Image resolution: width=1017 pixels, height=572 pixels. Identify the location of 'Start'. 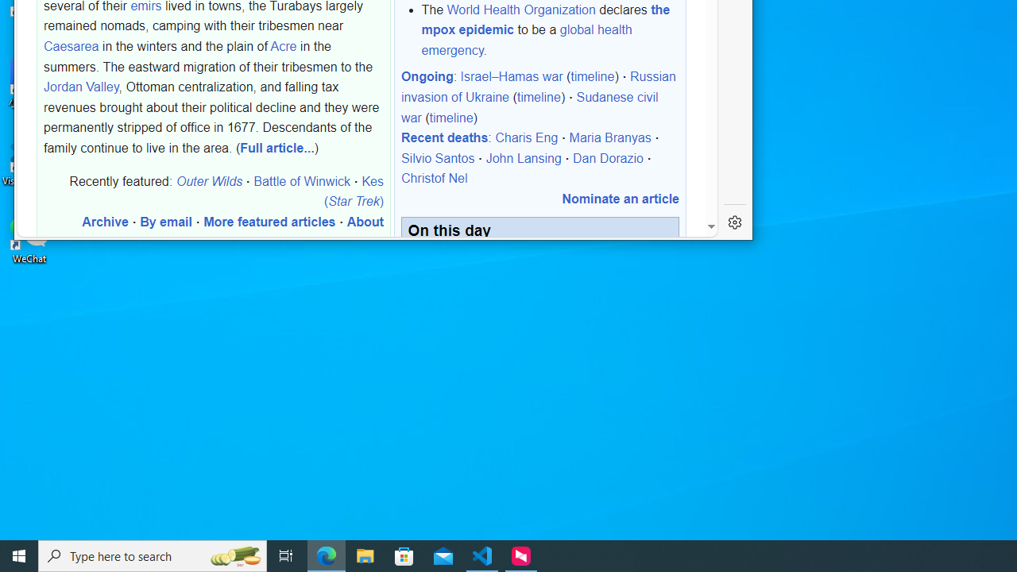
(19, 555).